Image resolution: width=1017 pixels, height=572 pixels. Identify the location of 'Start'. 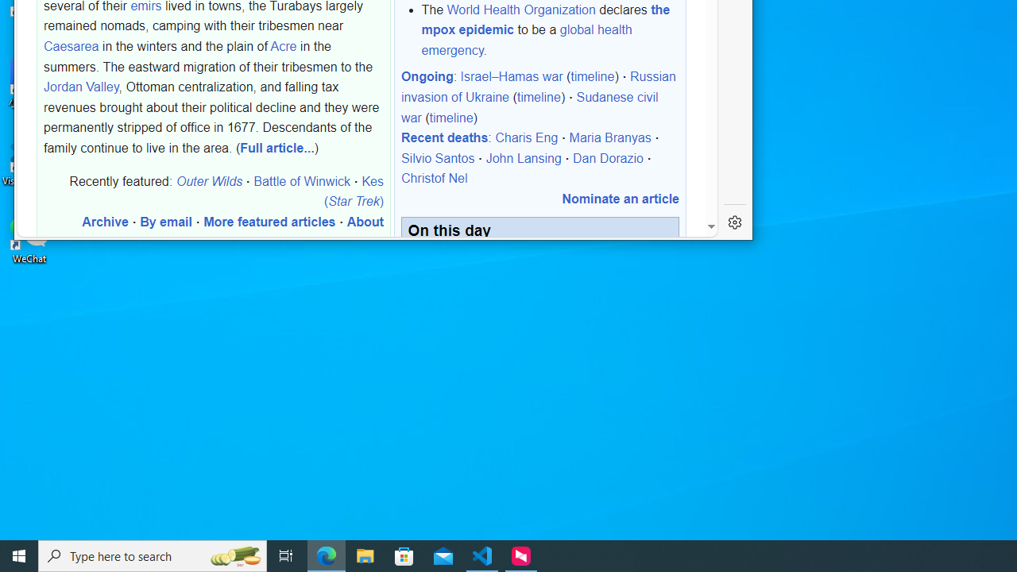
(19, 555).